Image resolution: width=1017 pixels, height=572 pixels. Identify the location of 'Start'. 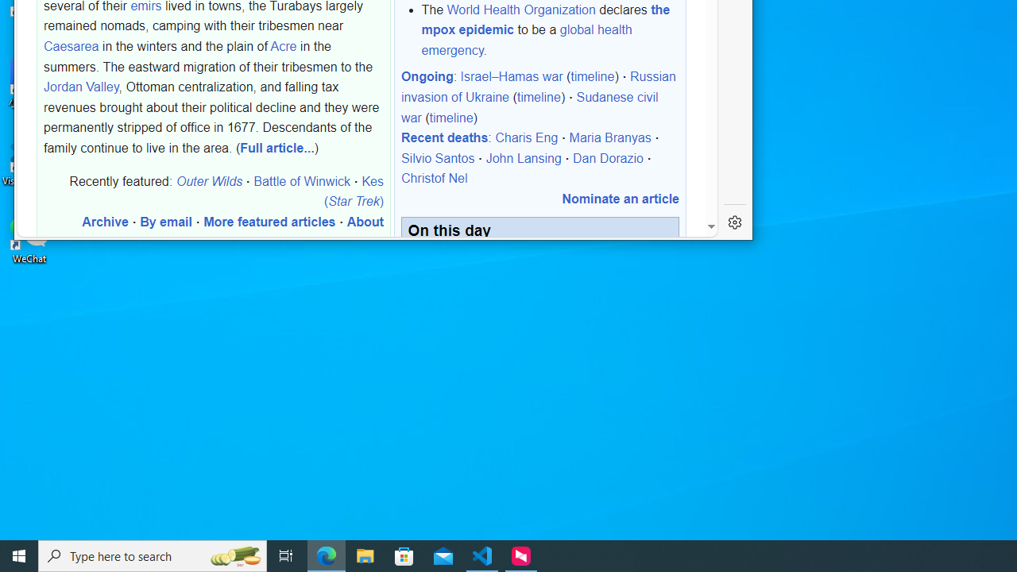
(19, 555).